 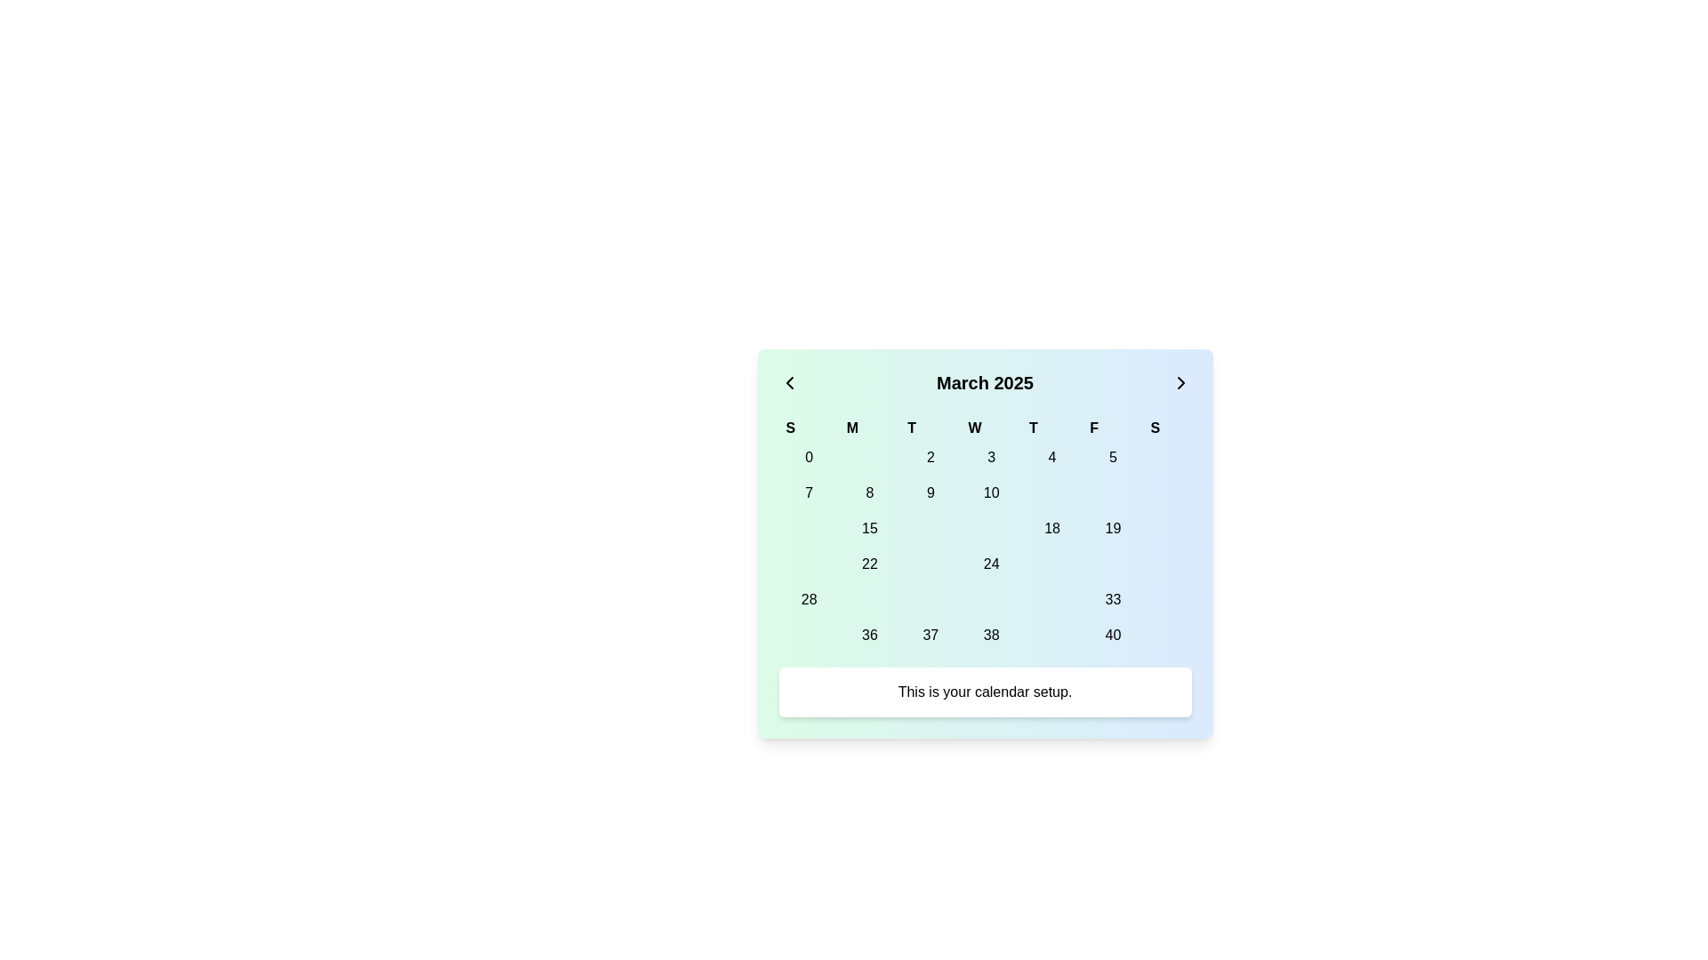 What do you see at coordinates (808, 634) in the screenshot?
I see `the Graphical Indicator that highlights a specific day in the calendar view, located below number 28 and to the left of number 36` at bounding box center [808, 634].